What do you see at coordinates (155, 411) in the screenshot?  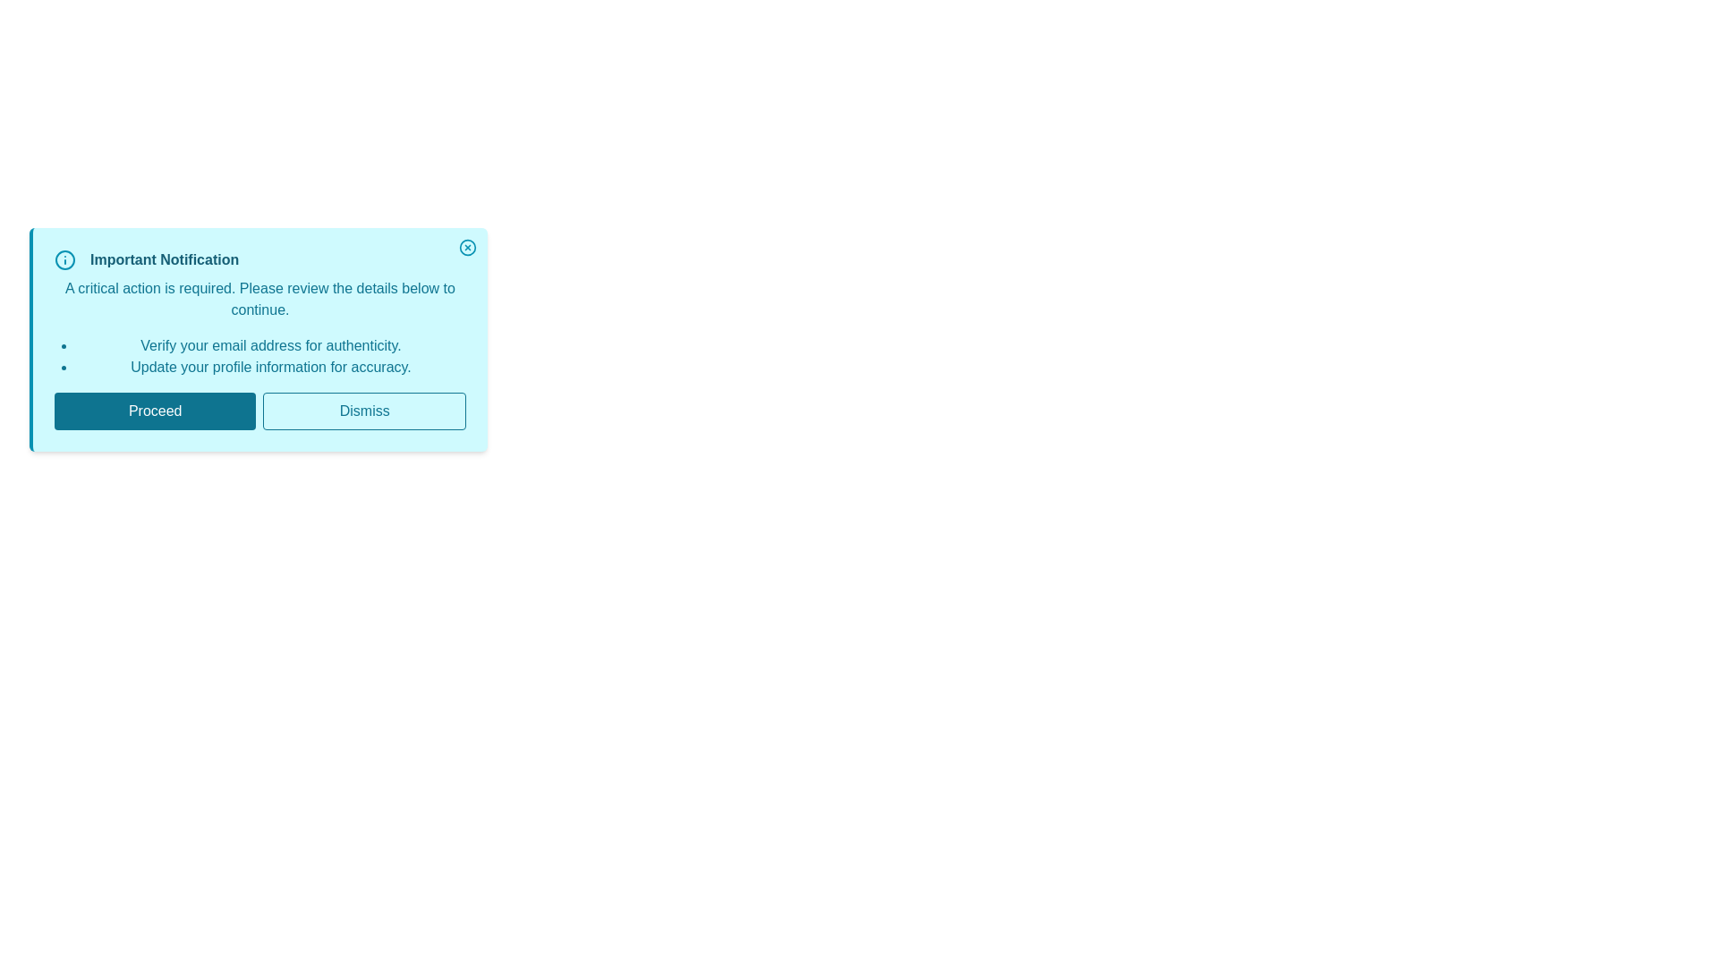 I see `the 'Proceed' button to continue with the action` at bounding box center [155, 411].